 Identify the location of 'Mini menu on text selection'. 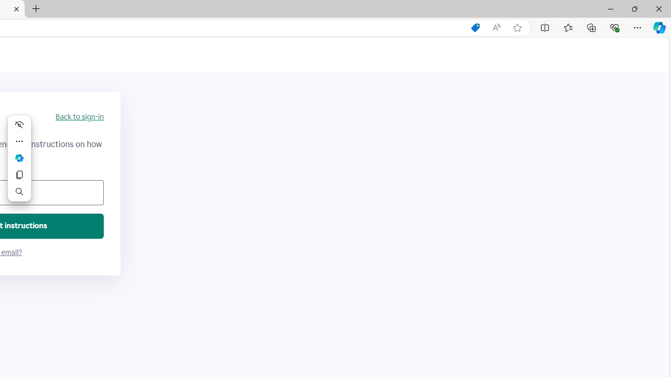
(19, 158).